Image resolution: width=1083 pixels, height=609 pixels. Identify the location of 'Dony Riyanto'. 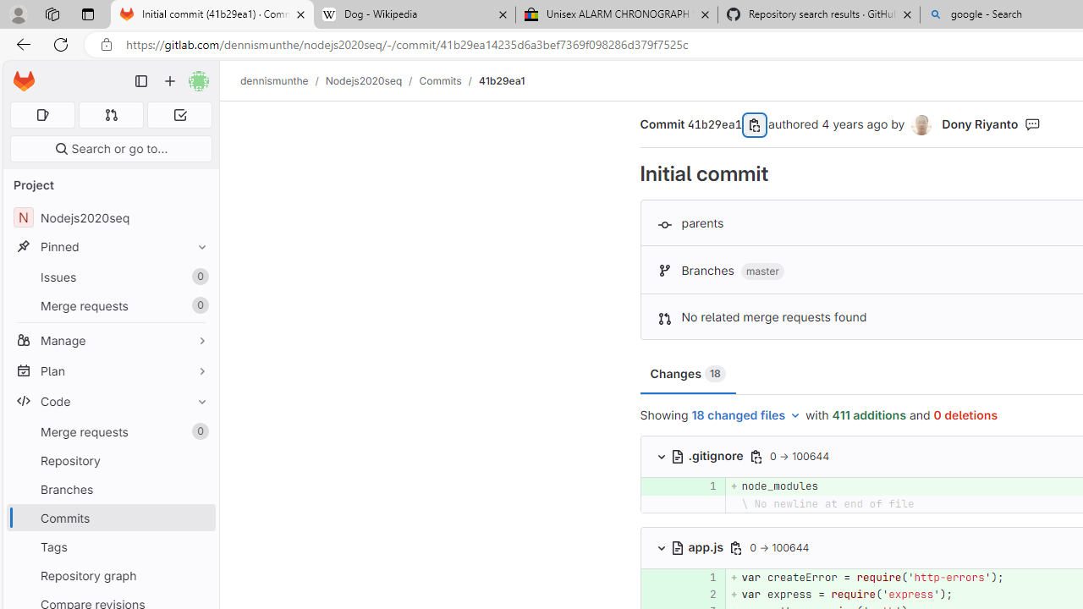
(922, 124).